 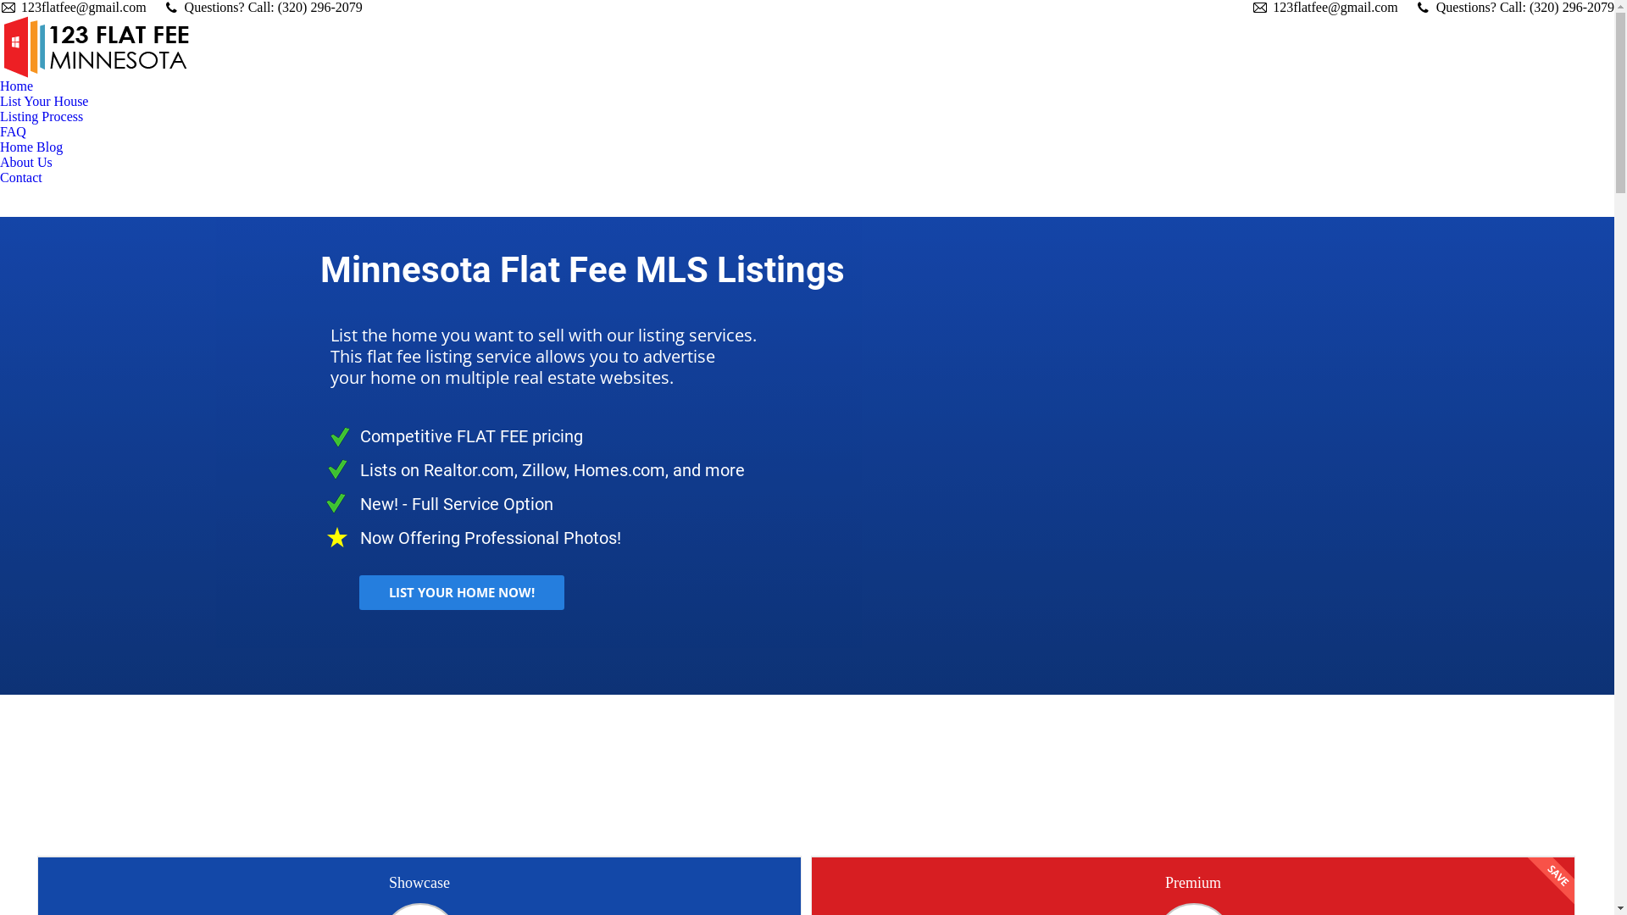 I want to click on 'Listing Process', so click(x=41, y=116).